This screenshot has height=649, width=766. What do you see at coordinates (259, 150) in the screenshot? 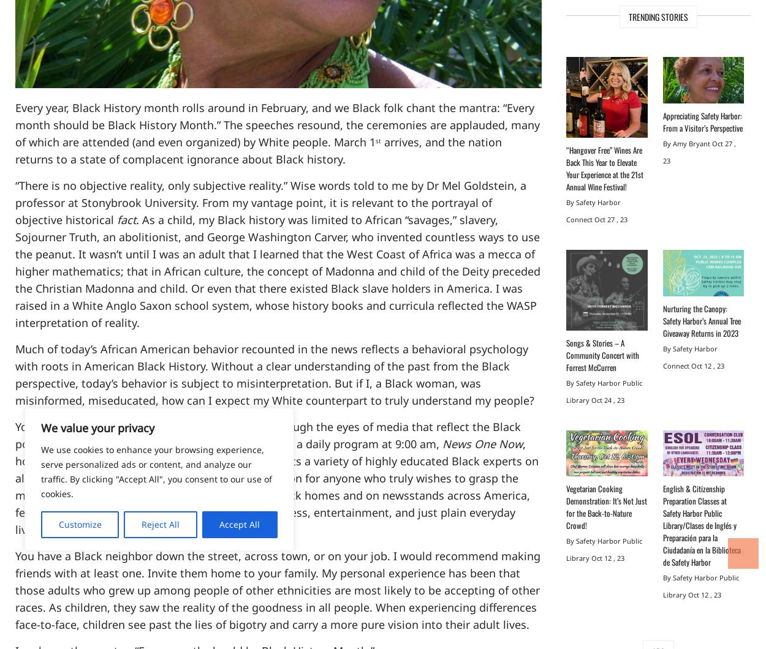
I see `'arrives, and the nation returns to a state of complacent ignorance about Black history.'` at bounding box center [259, 150].